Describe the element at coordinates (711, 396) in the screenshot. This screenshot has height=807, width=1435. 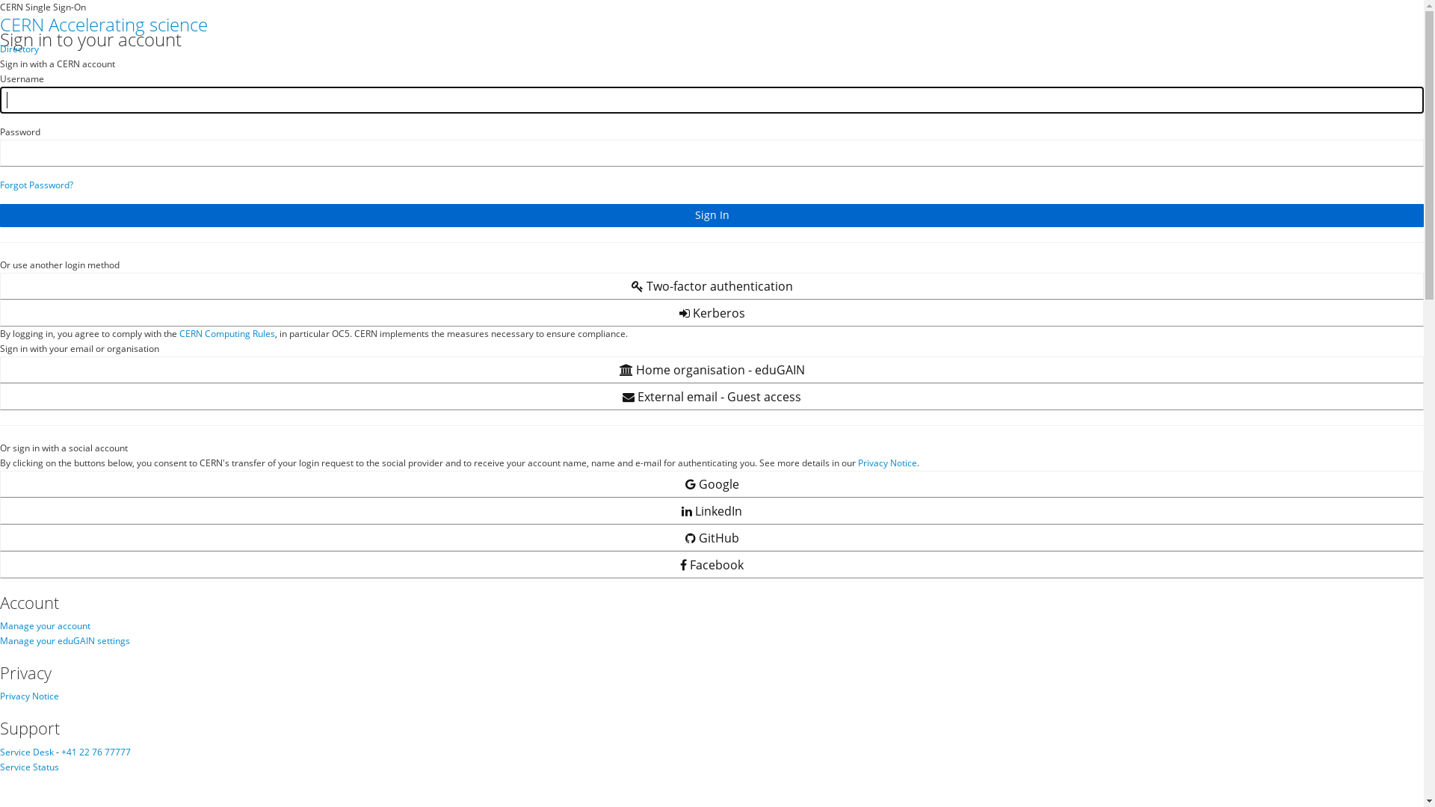
I see `'External email - Guest access'` at that location.